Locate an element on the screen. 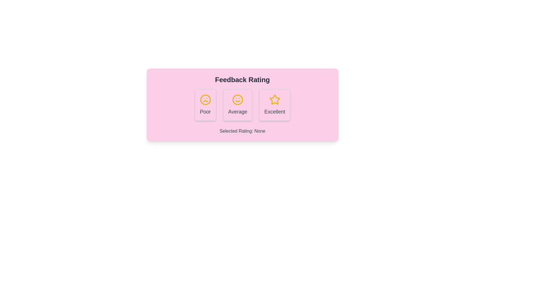 The height and width of the screenshot is (308, 548). the 'Poor' rating button, which is the leftmost element in the group of three rating options is located at coordinates (205, 105).